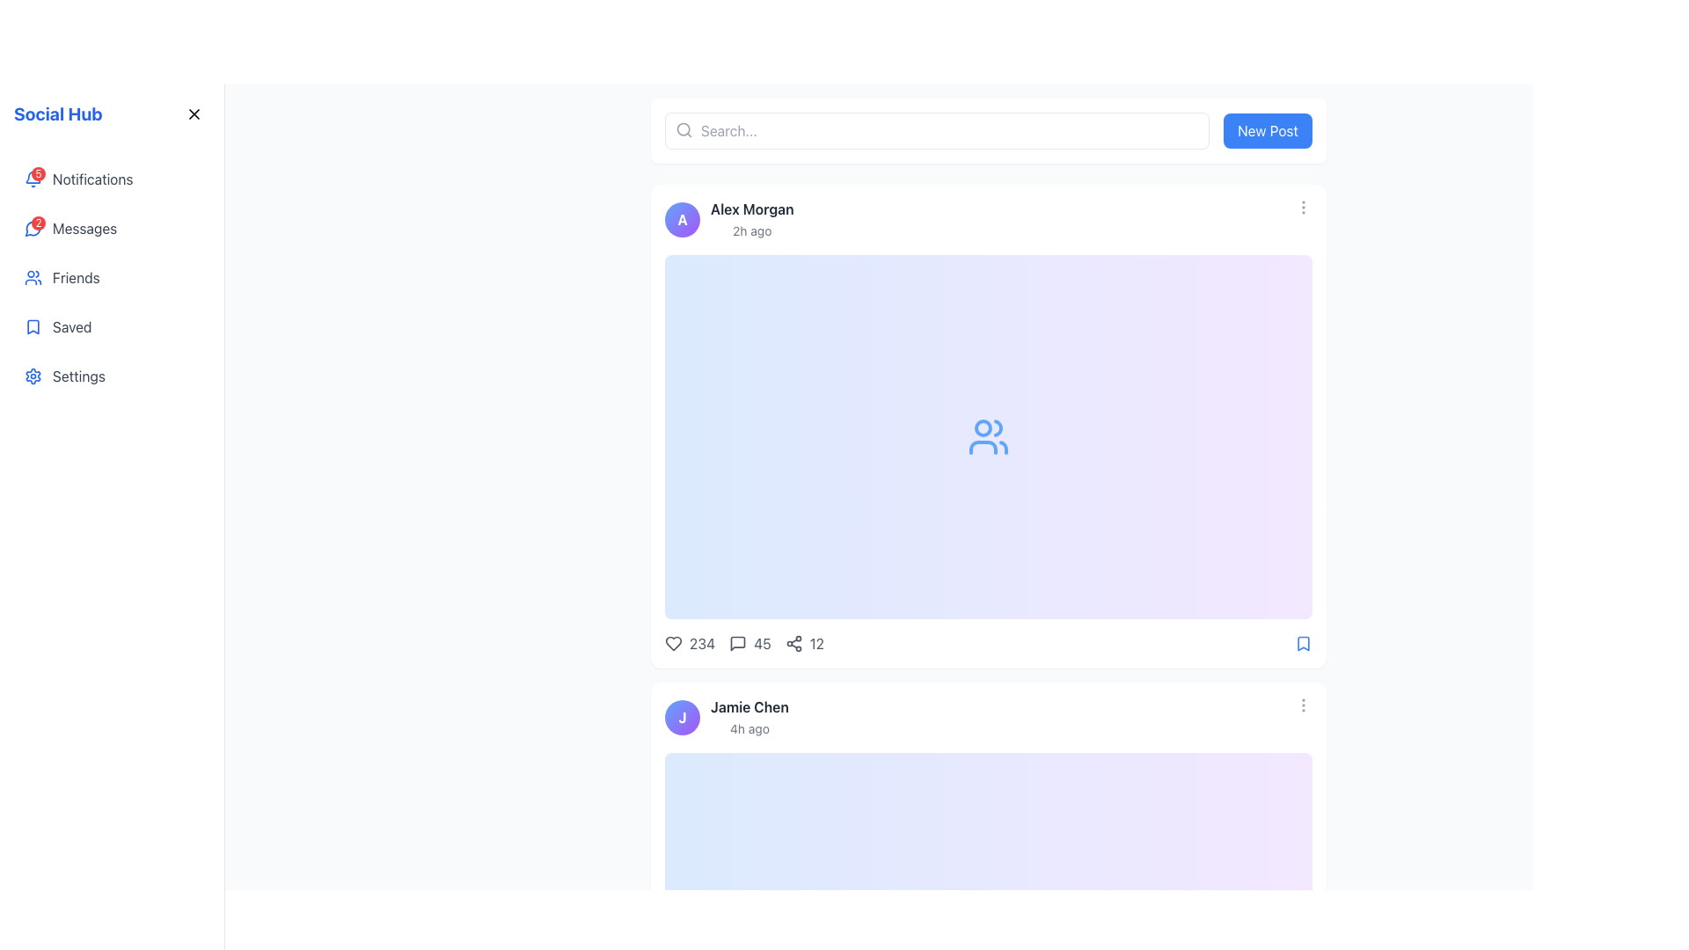 The width and height of the screenshot is (1689, 950). What do you see at coordinates (744, 644) in the screenshot?
I see `the comment counter located in the lower left of the post item, positioned between the likes icon and the share icon` at bounding box center [744, 644].